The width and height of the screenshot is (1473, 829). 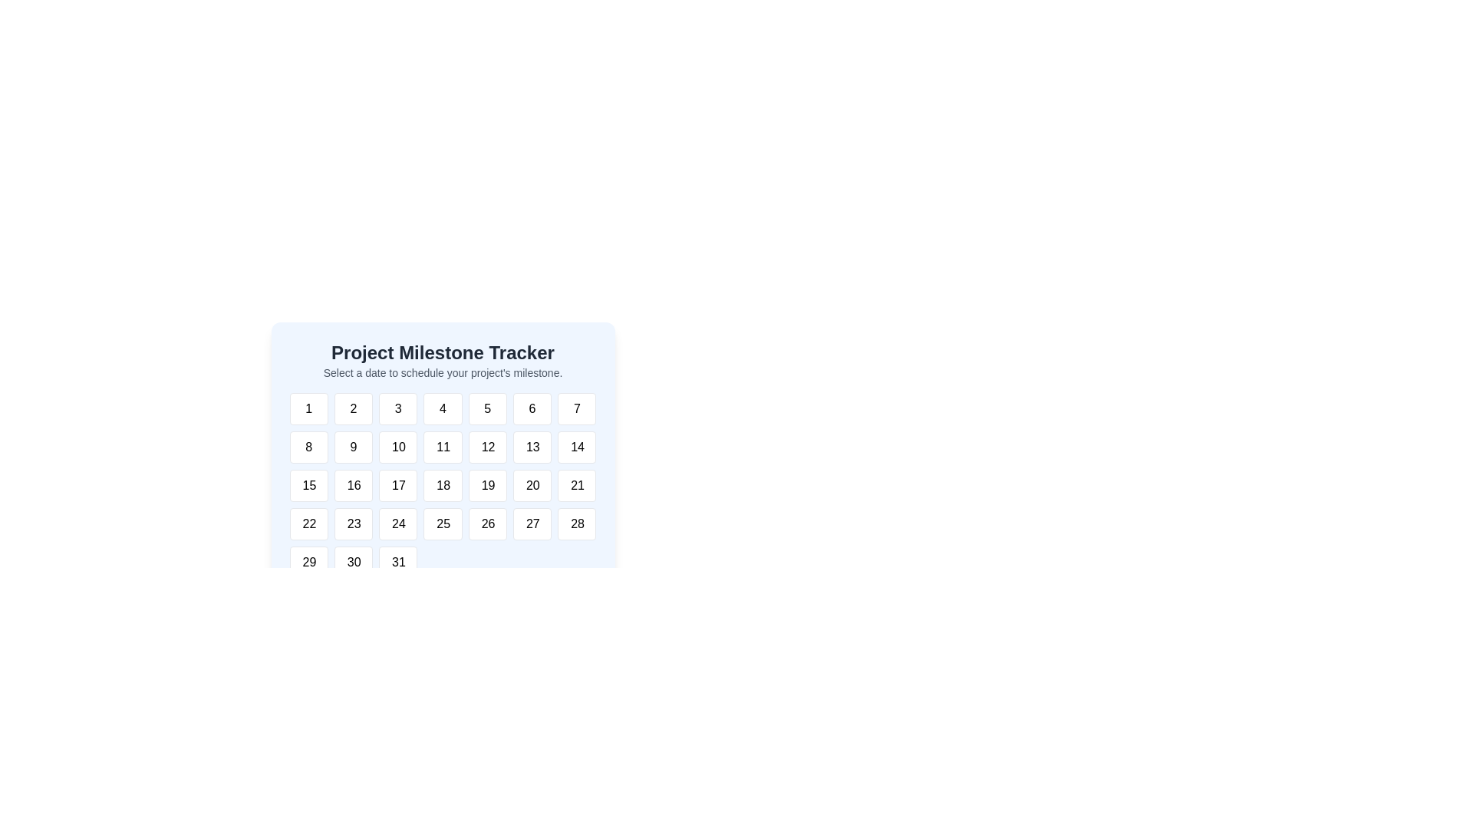 I want to click on the button in the calendar interface that represents a selectable date, located in the seventh column of the fourth row, so click(x=576, y=523).